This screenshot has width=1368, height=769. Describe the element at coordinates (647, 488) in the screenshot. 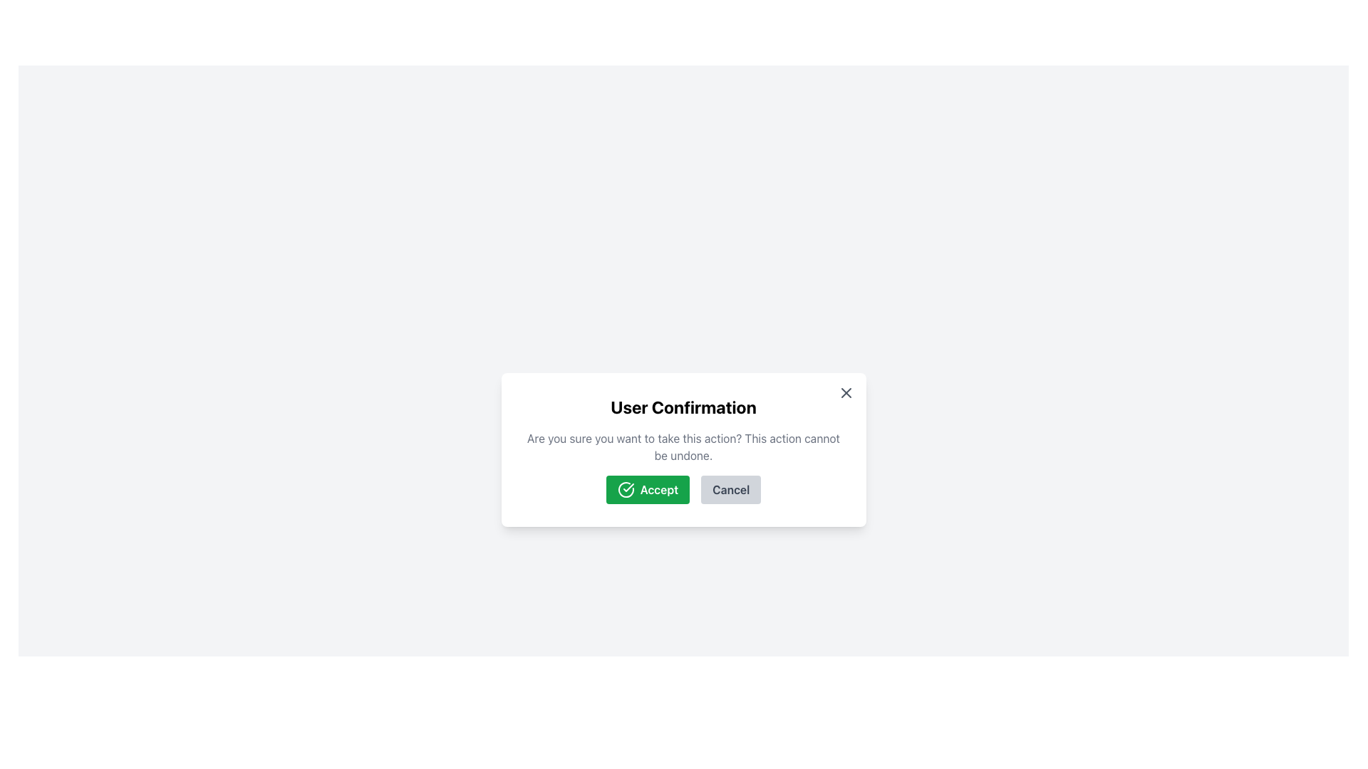

I see `the 'Accept' button located in the center-bottom portion of the confirmation dialog to confirm the action` at that location.